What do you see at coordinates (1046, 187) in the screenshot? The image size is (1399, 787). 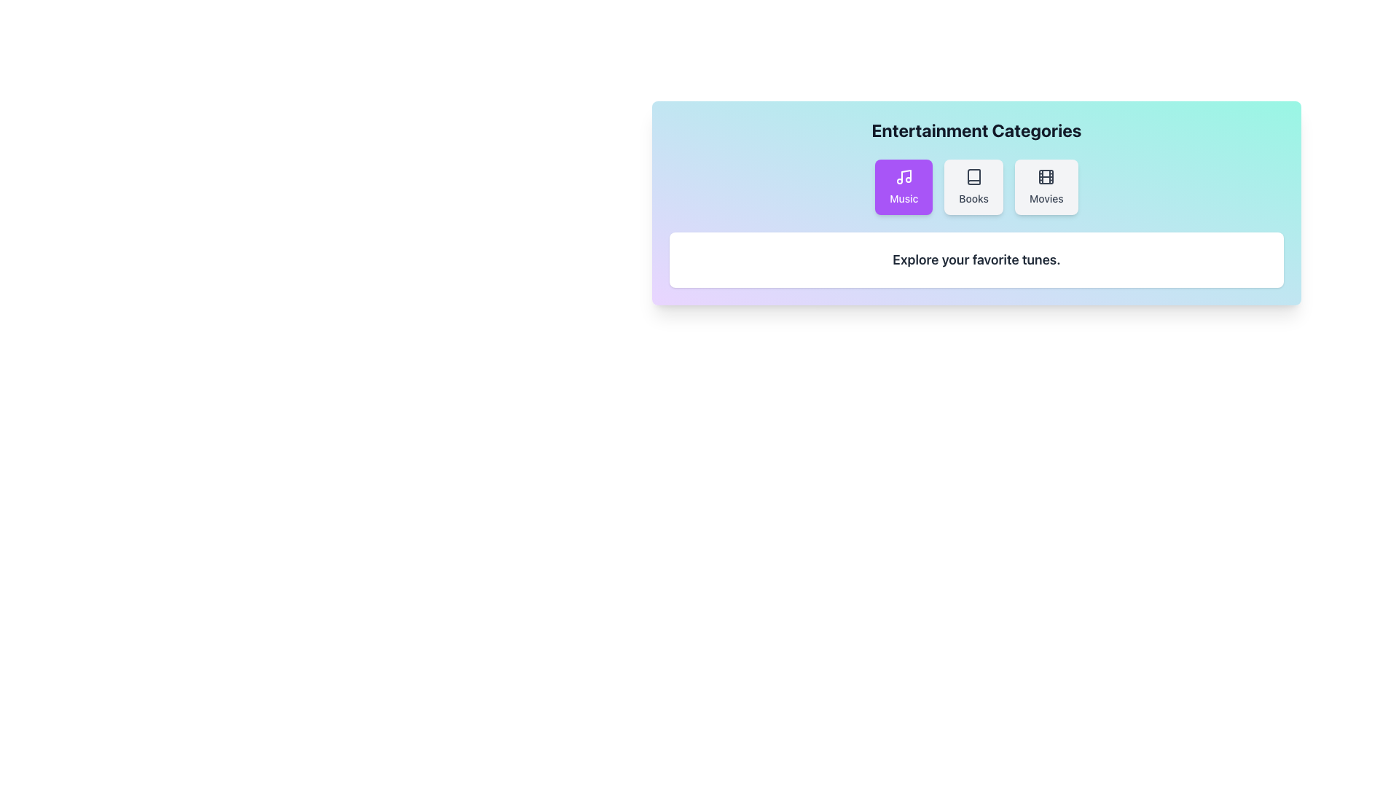 I see `the 'Movies' button located below the header text 'Entertainment Categories' and to the right of the 'Books' button` at bounding box center [1046, 187].